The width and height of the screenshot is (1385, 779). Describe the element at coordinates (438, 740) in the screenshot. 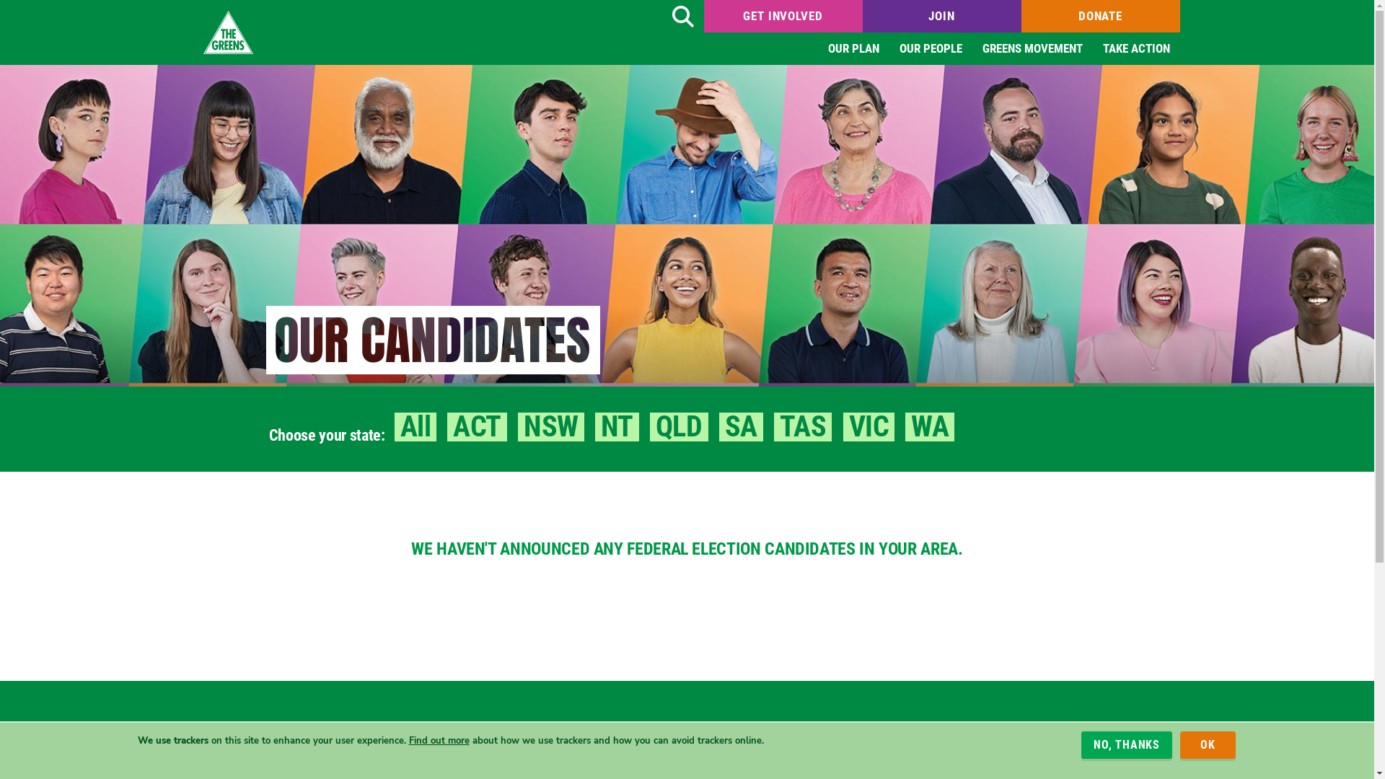

I see `'Find out more'` at that location.